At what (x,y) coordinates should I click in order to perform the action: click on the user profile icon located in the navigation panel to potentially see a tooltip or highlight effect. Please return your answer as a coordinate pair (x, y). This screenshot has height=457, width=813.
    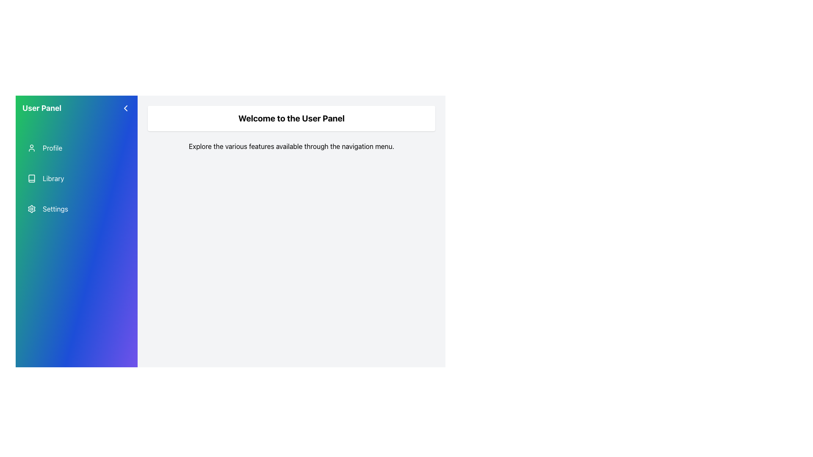
    Looking at the image, I should click on (32, 148).